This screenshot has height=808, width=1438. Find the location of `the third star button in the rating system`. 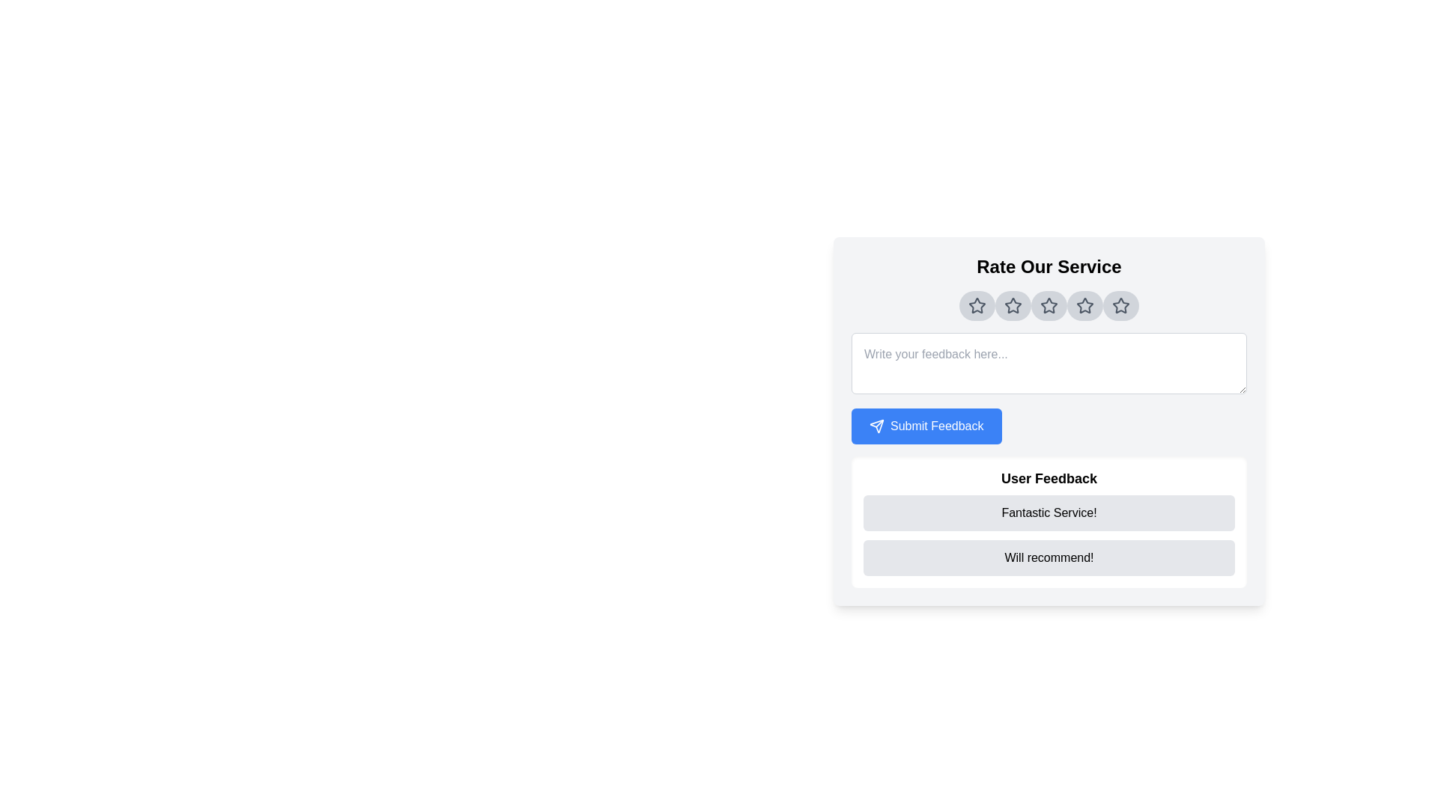

the third star button in the rating system is located at coordinates (1049, 304).